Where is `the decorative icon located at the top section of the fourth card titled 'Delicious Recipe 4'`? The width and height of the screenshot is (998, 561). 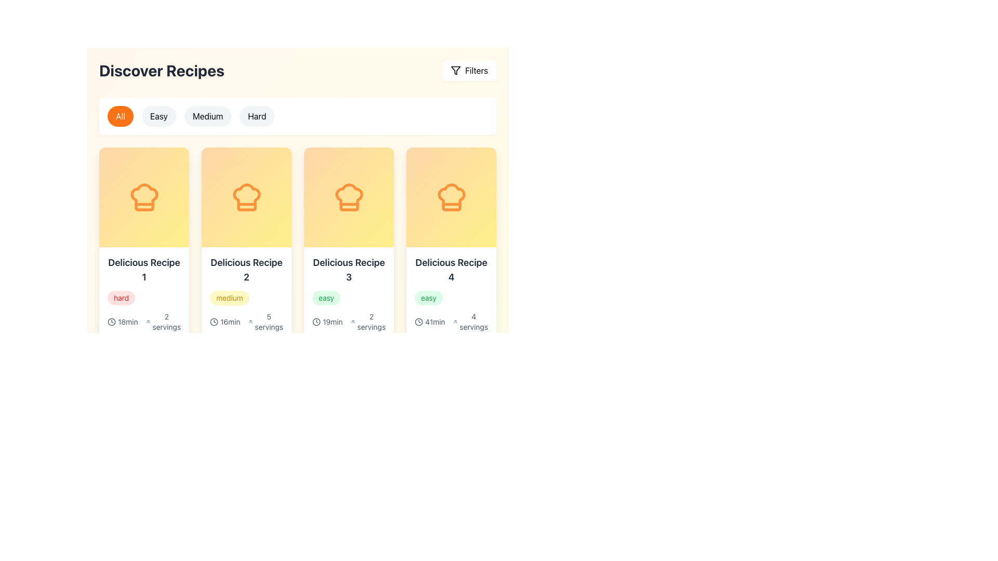
the decorative icon located at the top section of the fourth card titled 'Delicious Recipe 4' is located at coordinates (451, 197).